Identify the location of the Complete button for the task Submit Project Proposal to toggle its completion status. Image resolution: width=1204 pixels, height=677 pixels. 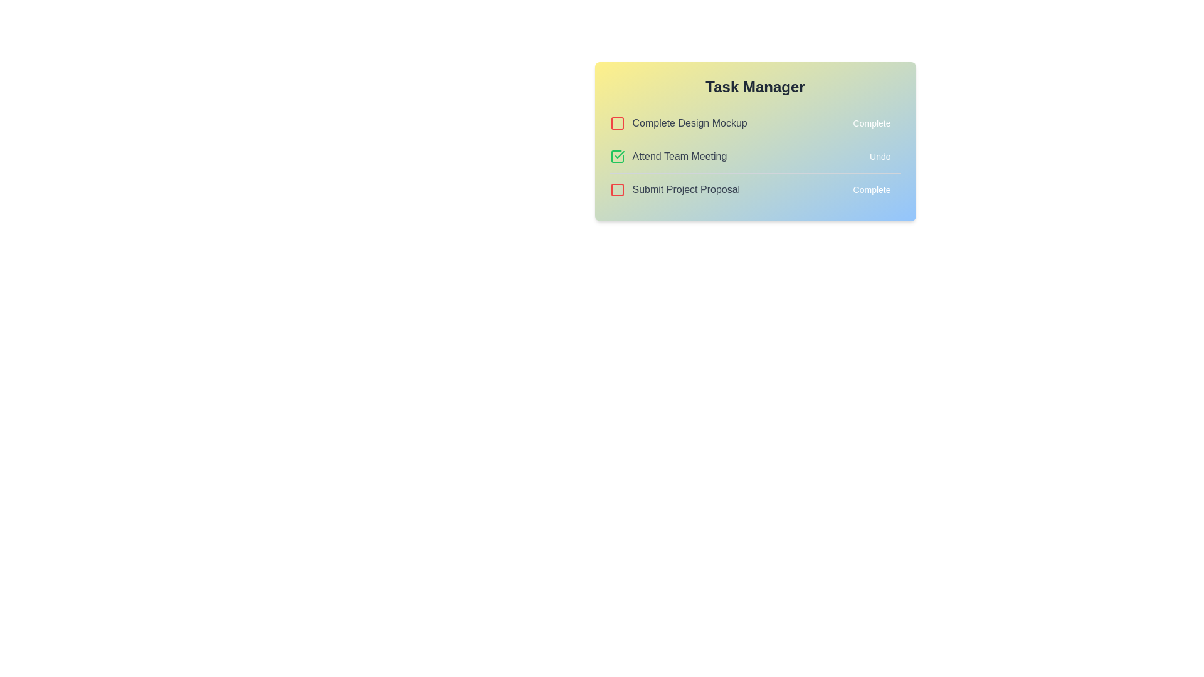
(871, 190).